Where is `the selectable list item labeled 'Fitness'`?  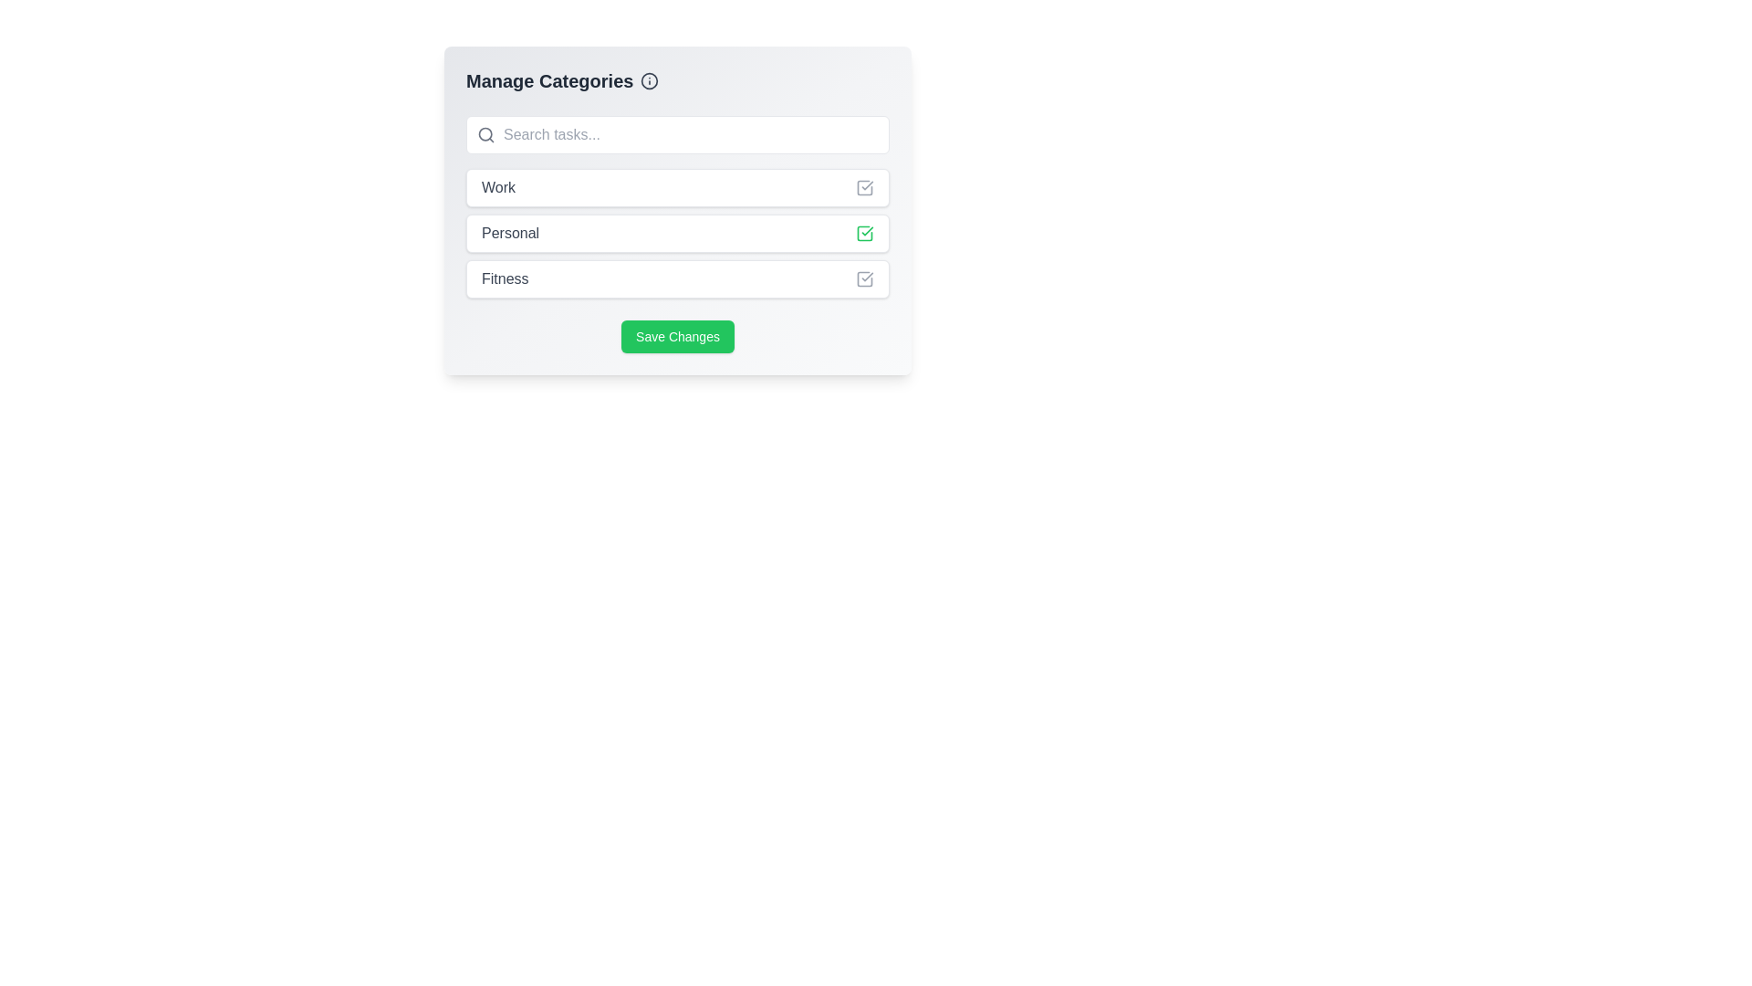 the selectable list item labeled 'Fitness' is located at coordinates (677, 278).